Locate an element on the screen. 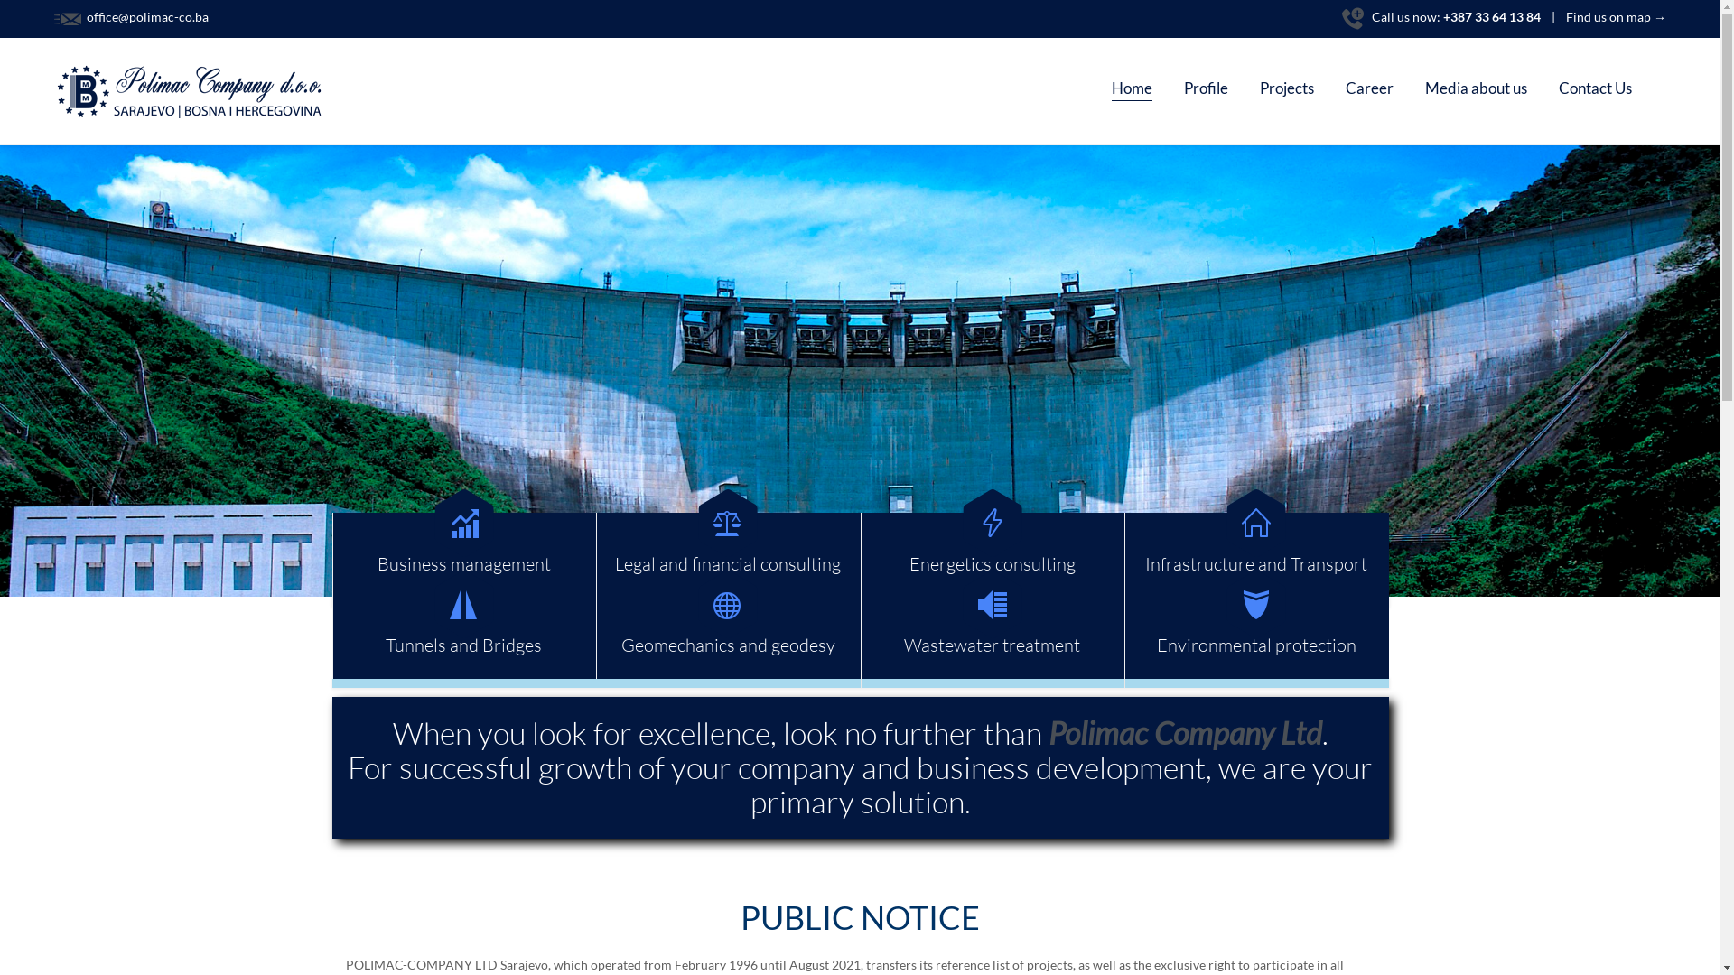 This screenshot has height=975, width=1734. 'Polimac Company' is located at coordinates (190, 90).